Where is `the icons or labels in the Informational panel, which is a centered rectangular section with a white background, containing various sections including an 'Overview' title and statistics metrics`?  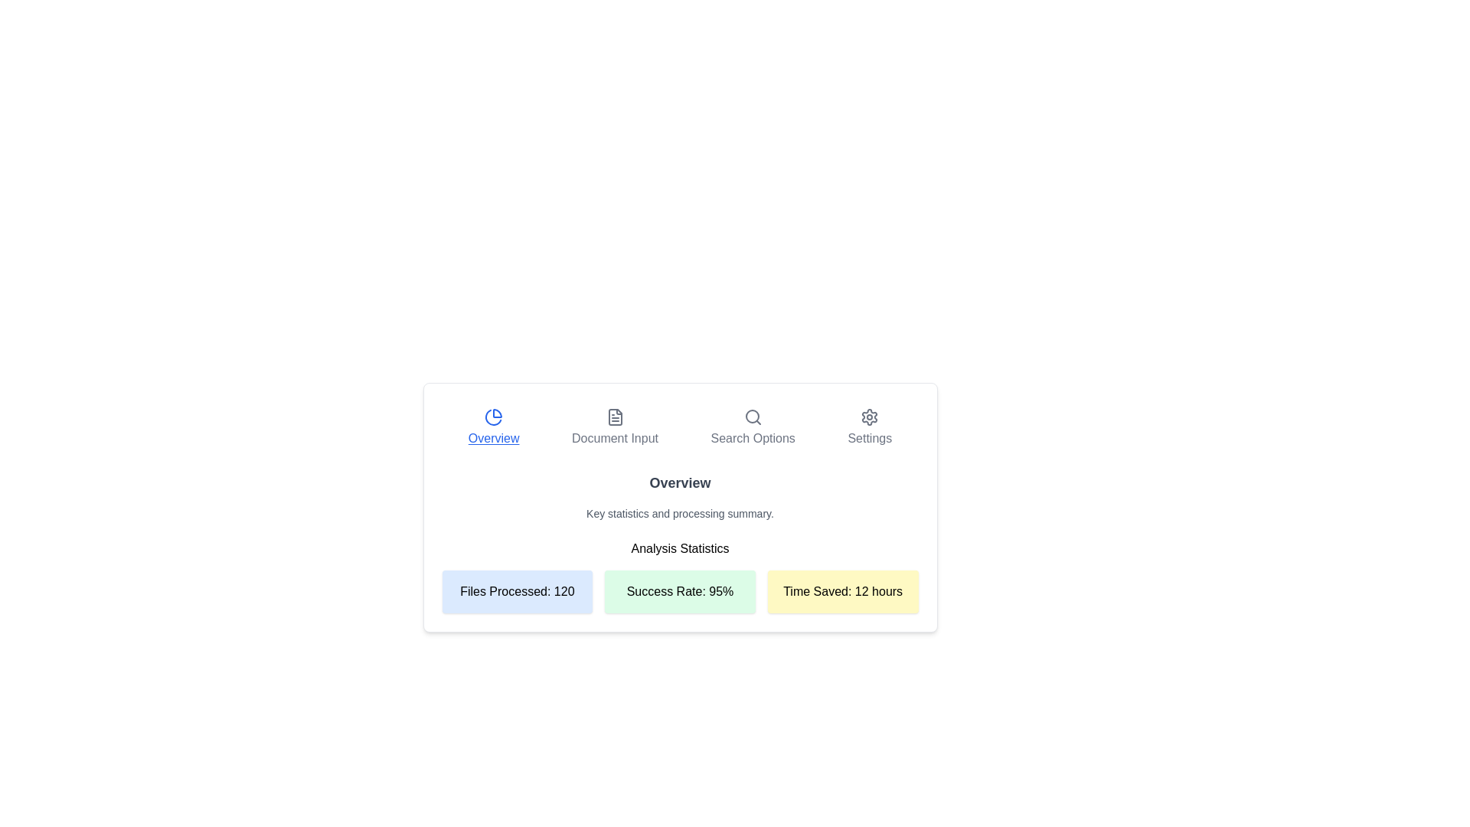 the icons or labels in the Informational panel, which is a centered rectangular section with a white background, containing various sections including an 'Overview' title and statistics metrics is located at coordinates (679, 487).